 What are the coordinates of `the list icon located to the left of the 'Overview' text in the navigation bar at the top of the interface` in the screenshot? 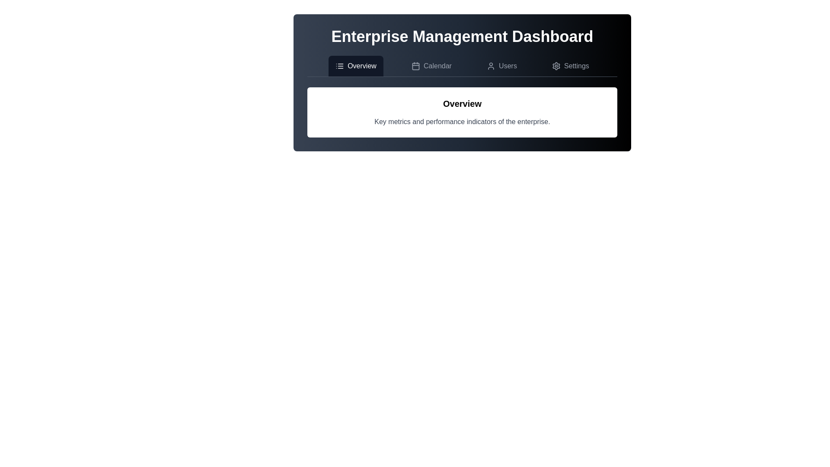 It's located at (339, 66).